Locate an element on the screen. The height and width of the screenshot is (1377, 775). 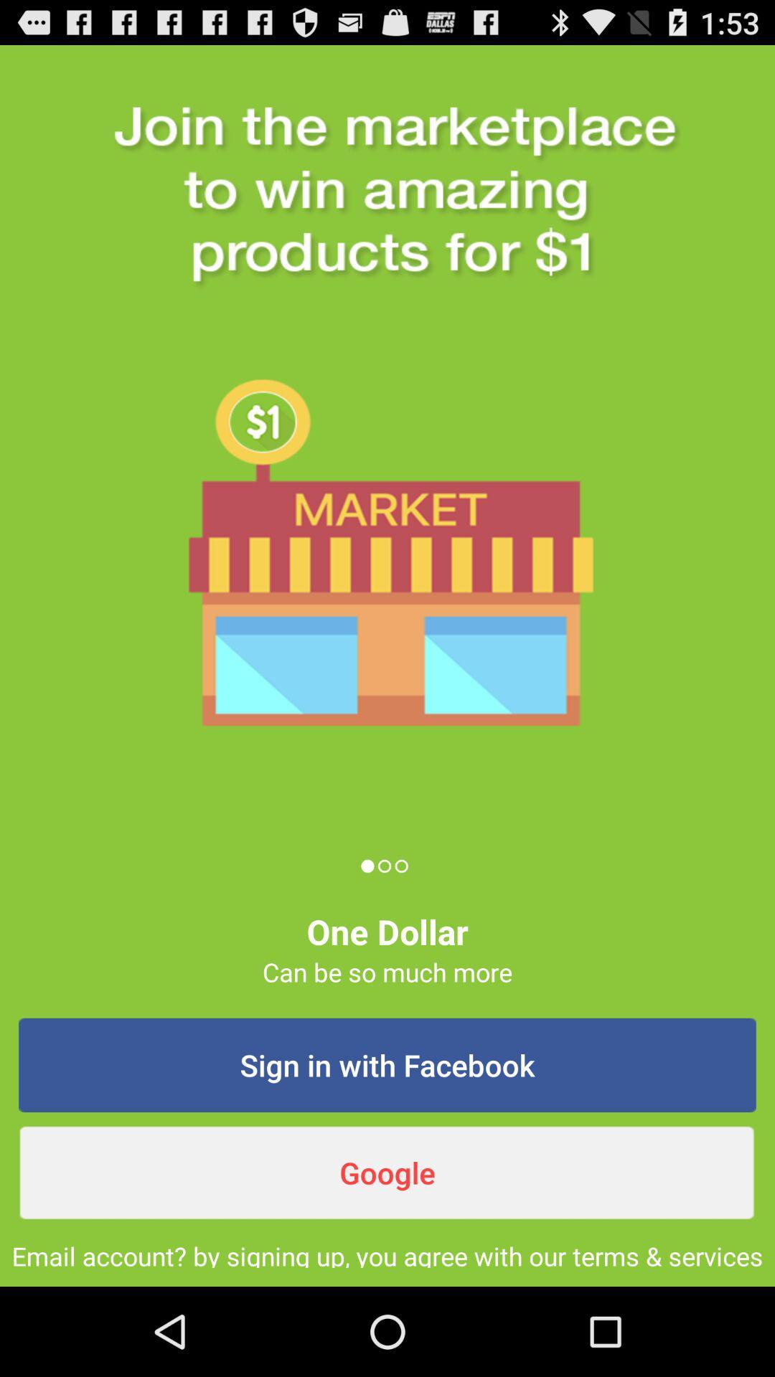
sign in with icon is located at coordinates (387, 1065).